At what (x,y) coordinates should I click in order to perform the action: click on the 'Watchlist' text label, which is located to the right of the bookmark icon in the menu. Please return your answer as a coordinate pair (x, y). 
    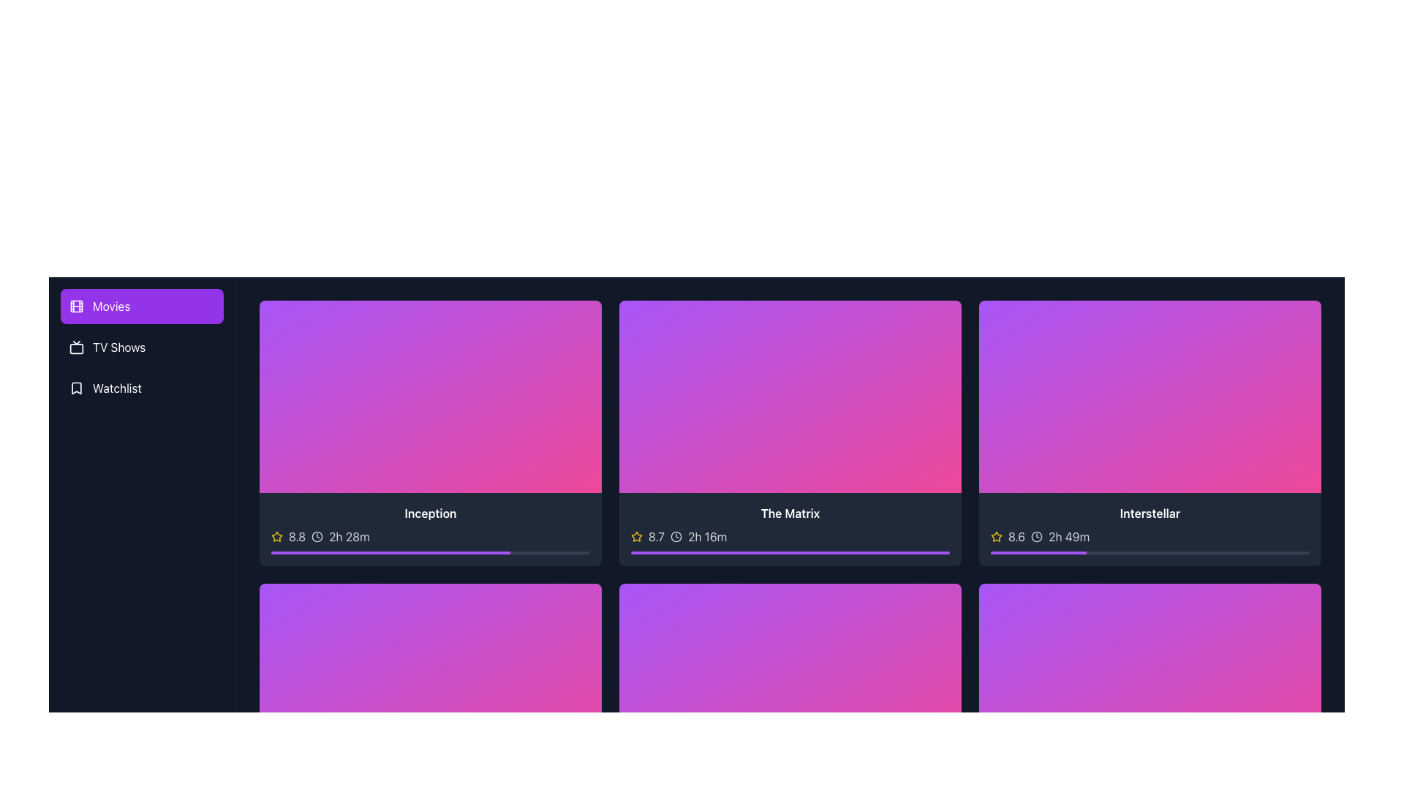
    Looking at the image, I should click on (117, 388).